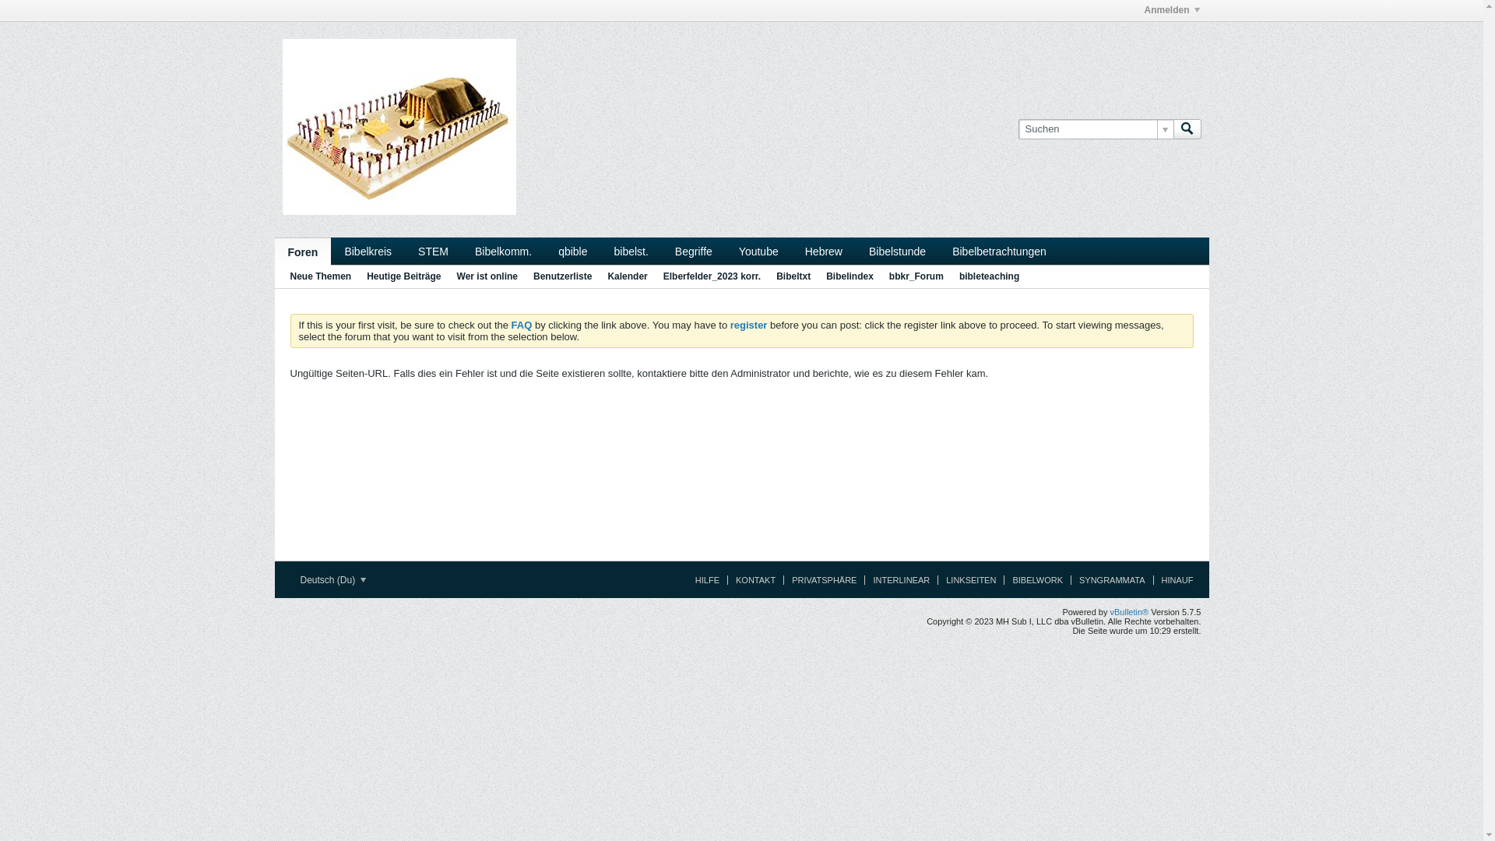  Describe the element at coordinates (1032, 579) in the screenshot. I see `'BIBELWORK'` at that location.